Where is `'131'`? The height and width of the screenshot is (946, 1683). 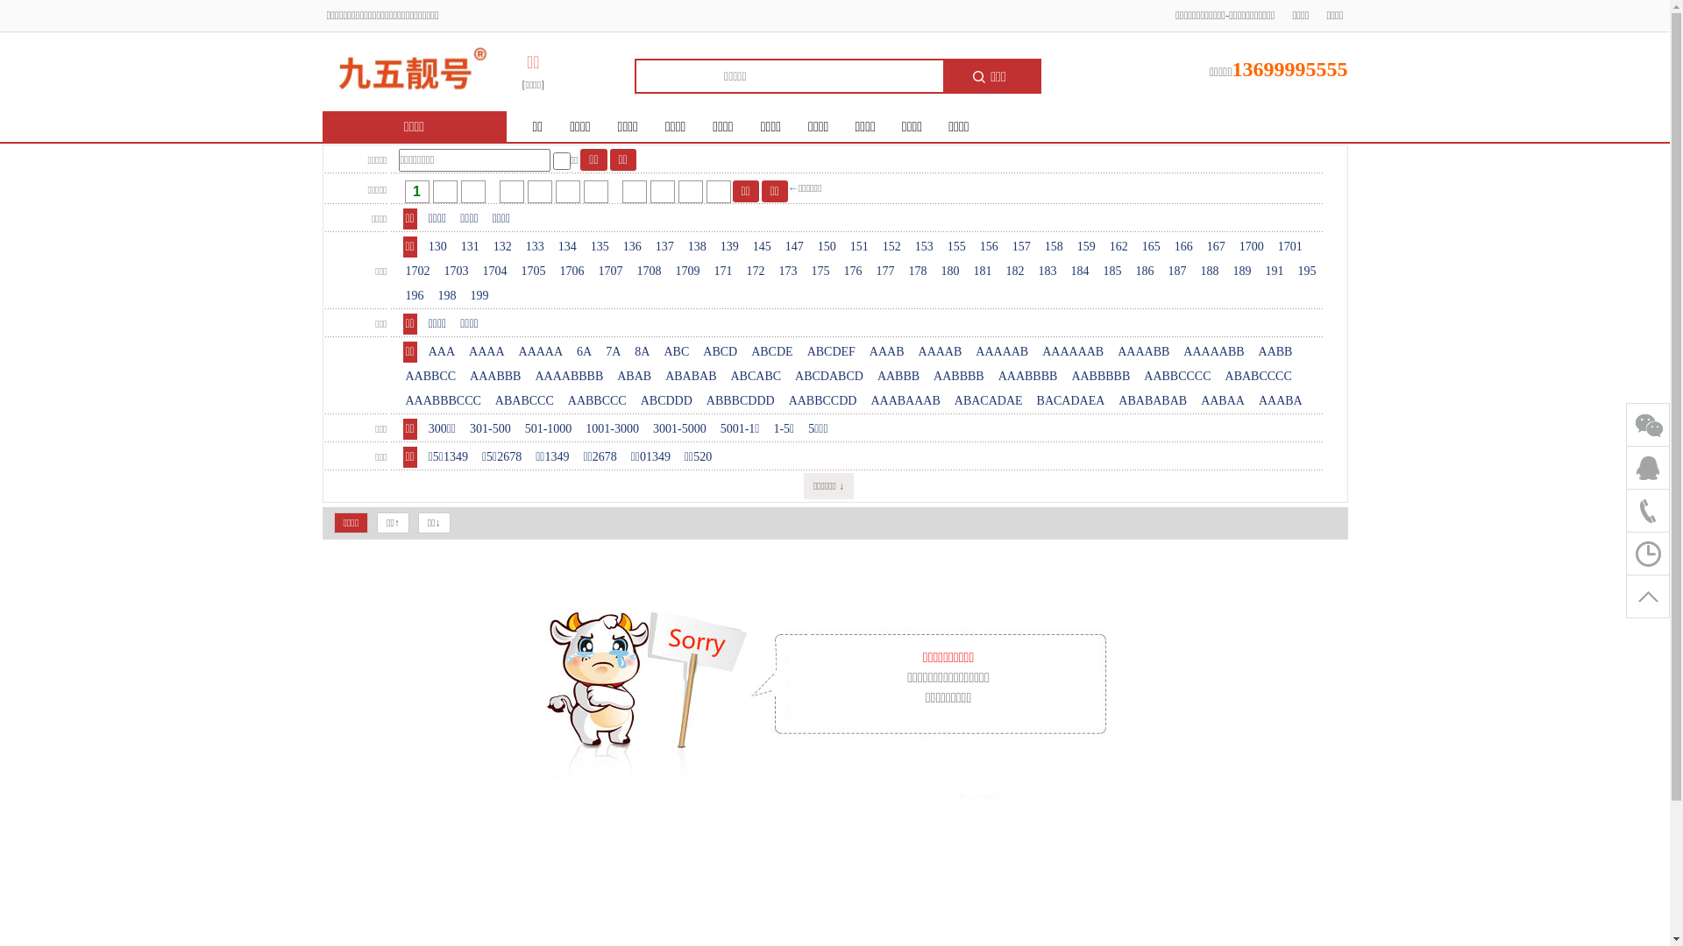
'131' is located at coordinates (458, 246).